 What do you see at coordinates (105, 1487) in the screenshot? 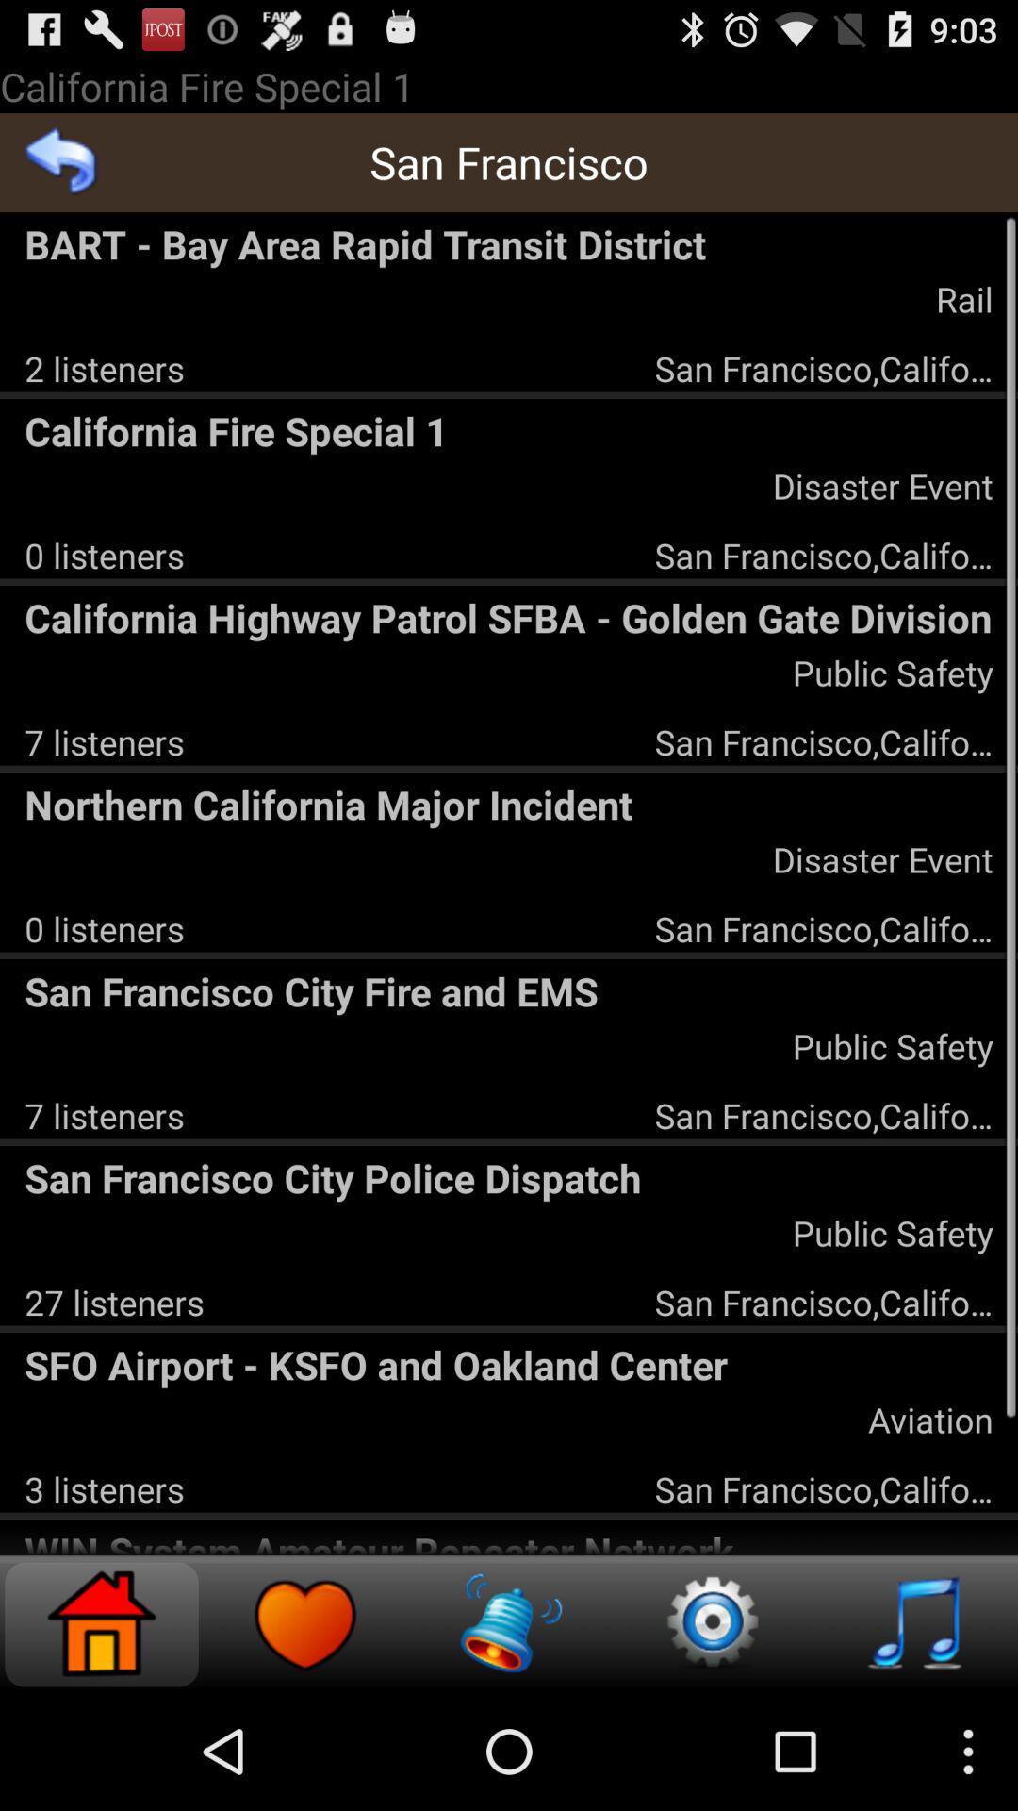
I see `item above win system amateur icon` at bounding box center [105, 1487].